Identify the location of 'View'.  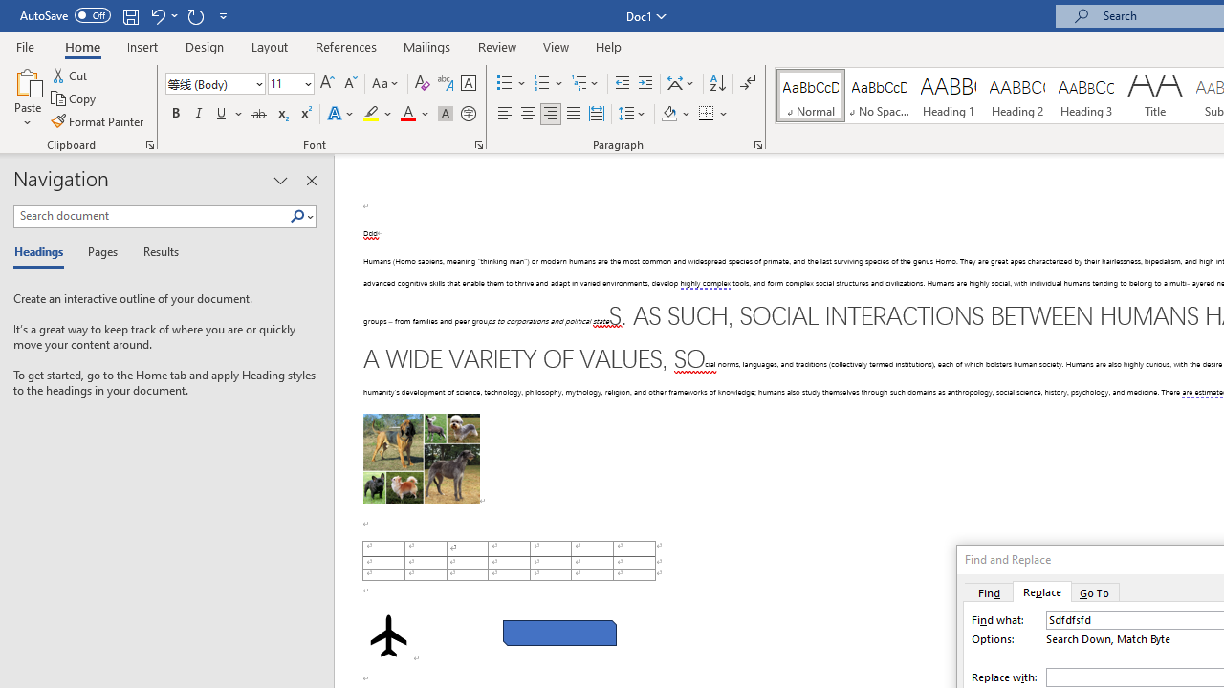
(556, 46).